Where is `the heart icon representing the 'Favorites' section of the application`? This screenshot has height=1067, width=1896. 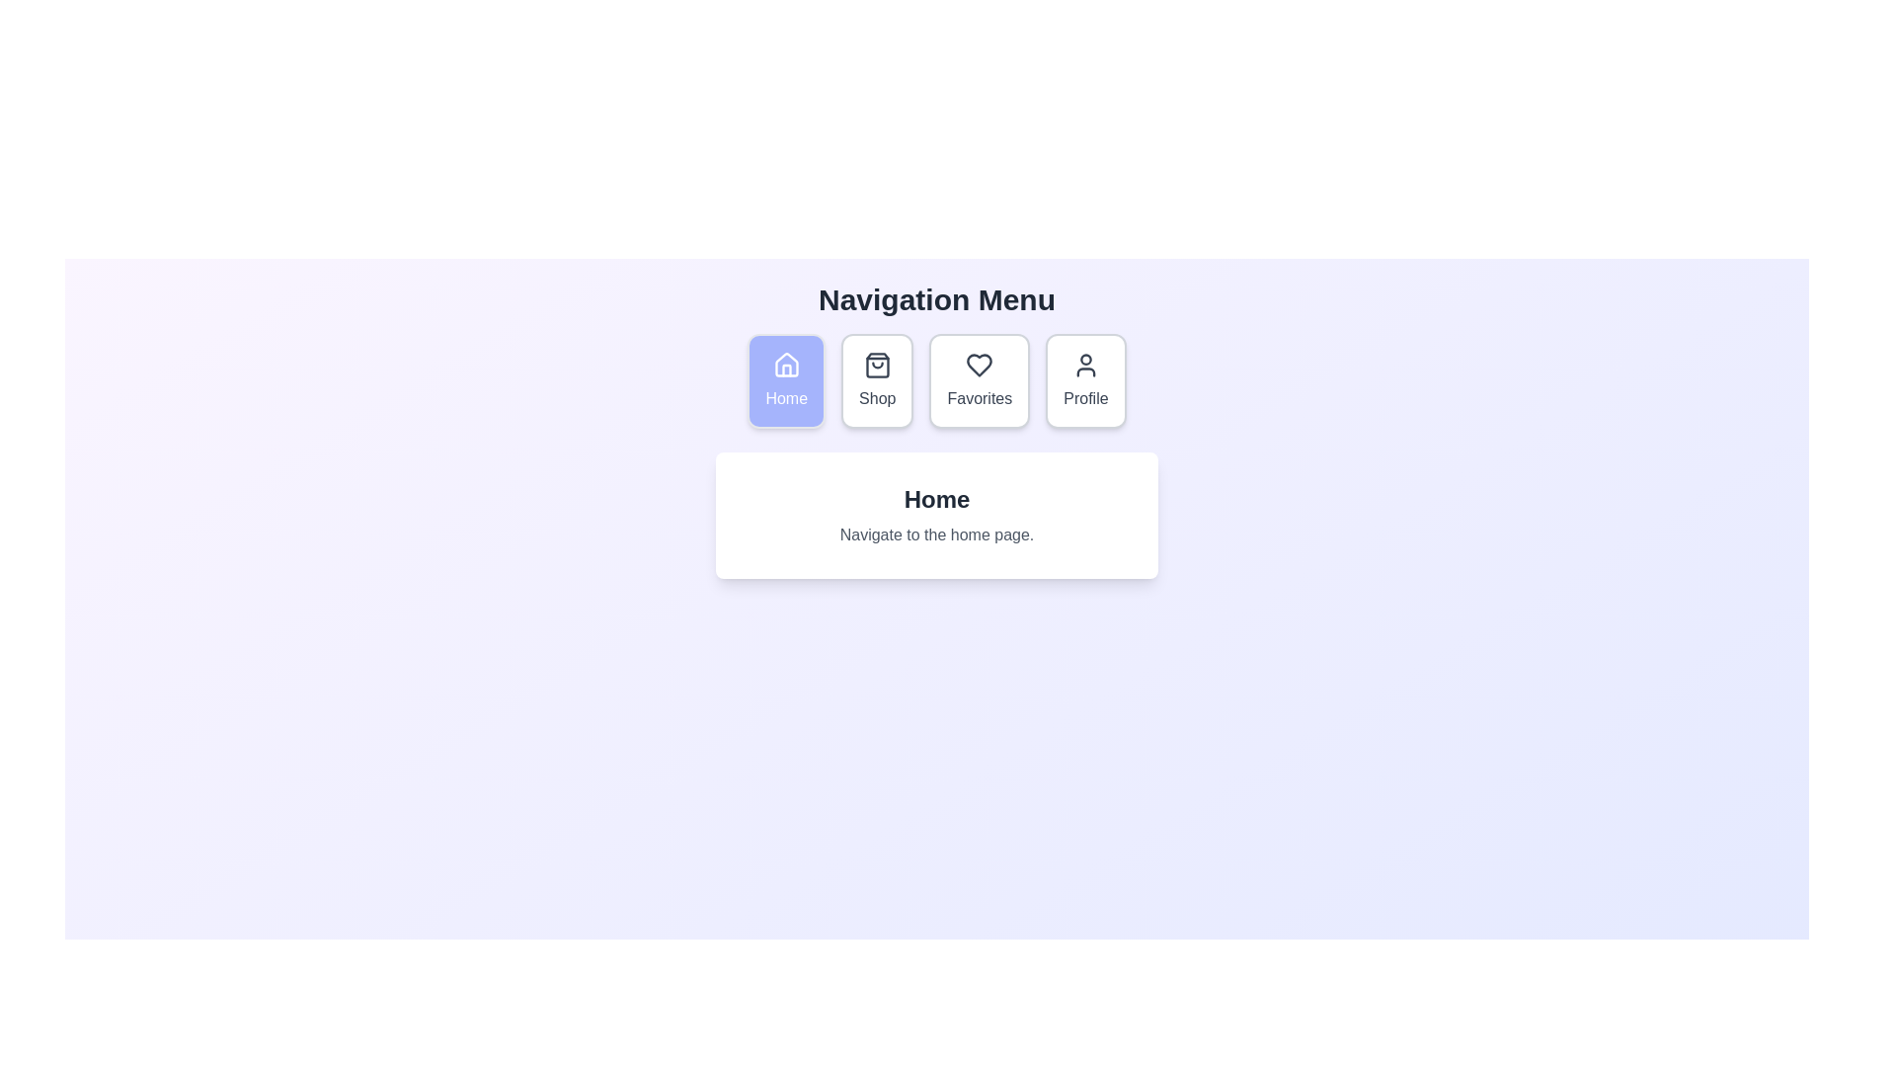 the heart icon representing the 'Favorites' section of the application is located at coordinates (980, 366).